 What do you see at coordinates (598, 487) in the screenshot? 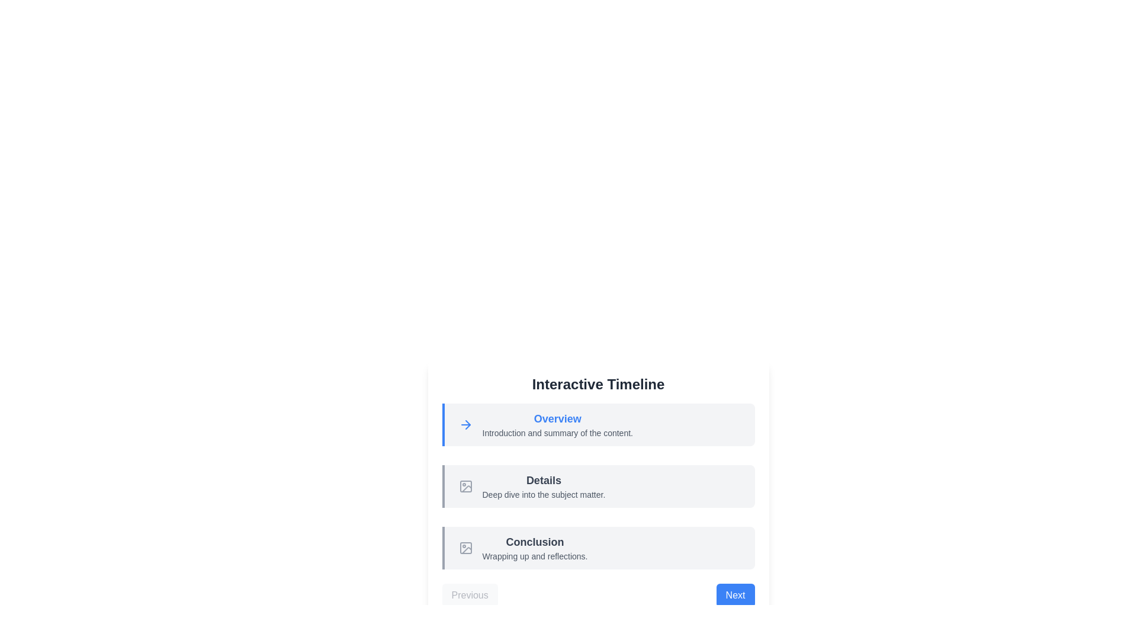
I see `the timeline section labeled Details to view its details` at bounding box center [598, 487].